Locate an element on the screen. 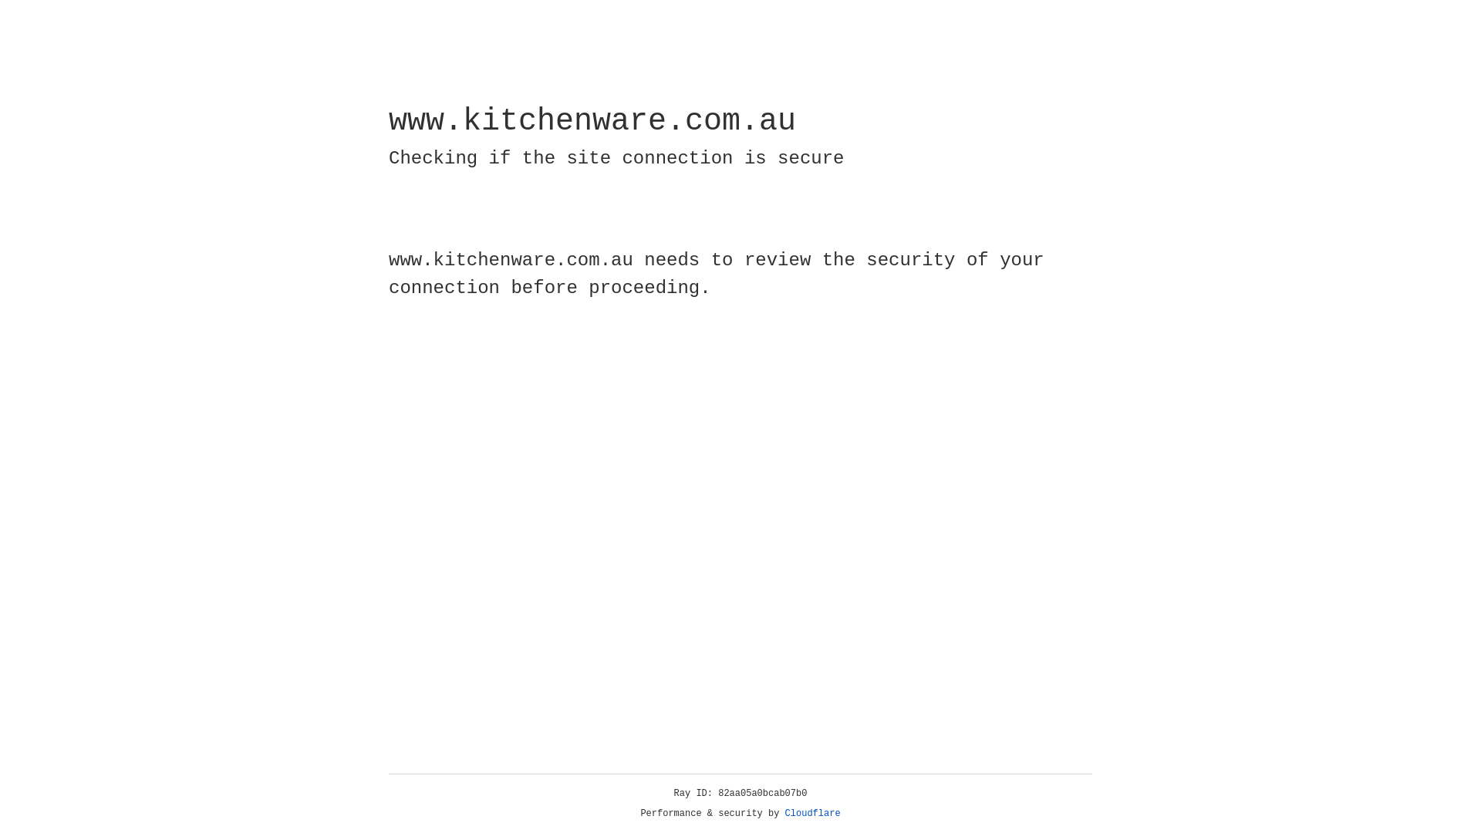 The width and height of the screenshot is (1481, 833). 'Cloudflare' is located at coordinates (812, 813).